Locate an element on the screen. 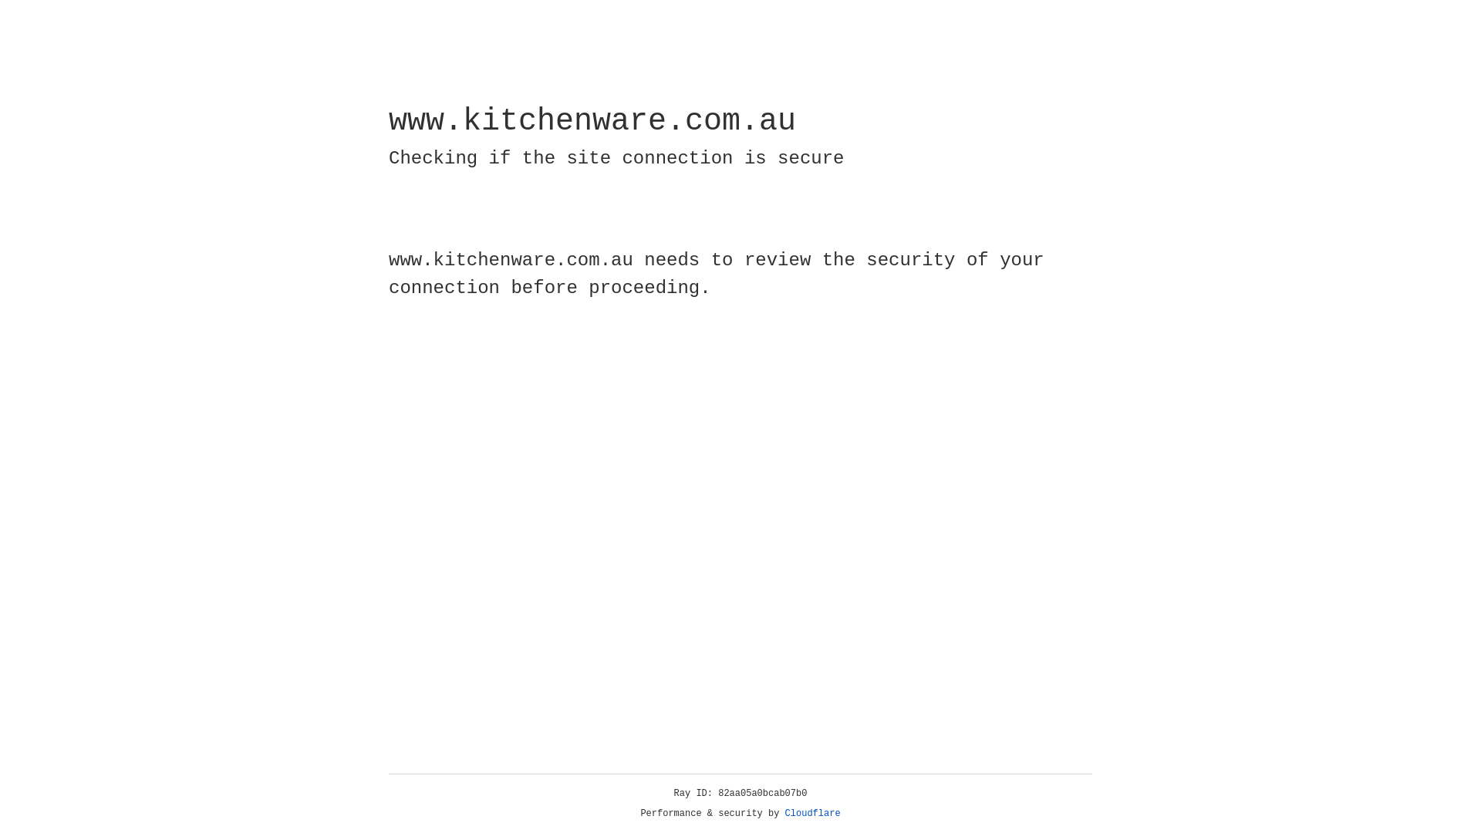 The width and height of the screenshot is (1481, 833). 'Cloudflare' is located at coordinates (812, 813).